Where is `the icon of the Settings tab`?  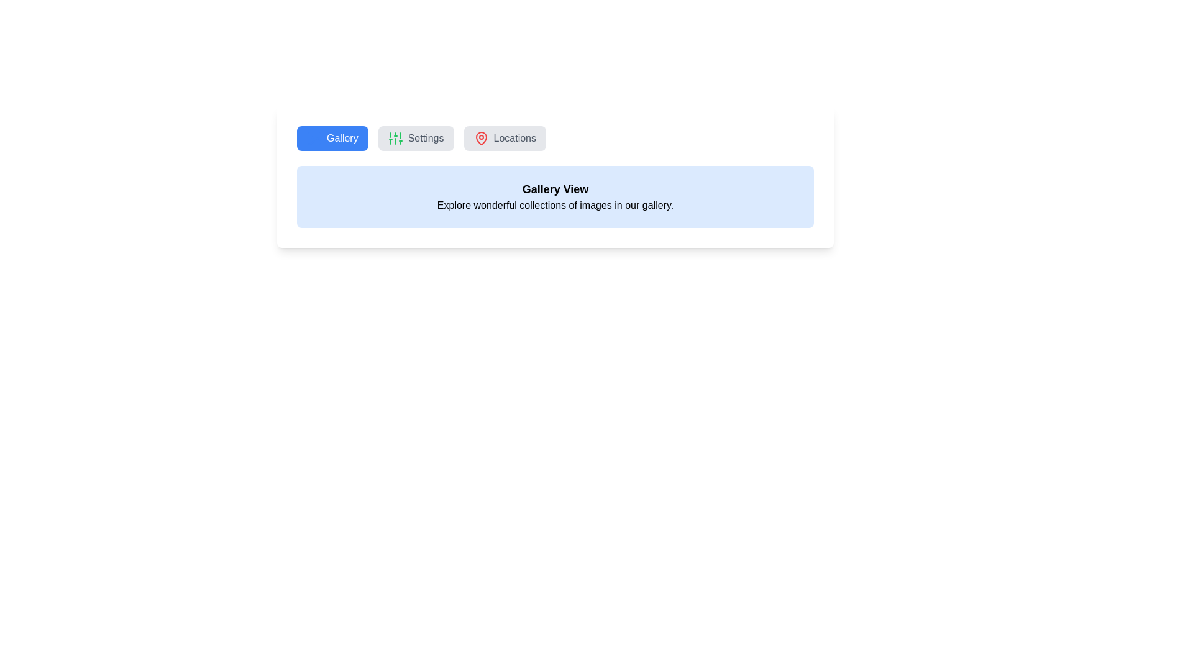 the icon of the Settings tab is located at coordinates (395, 139).